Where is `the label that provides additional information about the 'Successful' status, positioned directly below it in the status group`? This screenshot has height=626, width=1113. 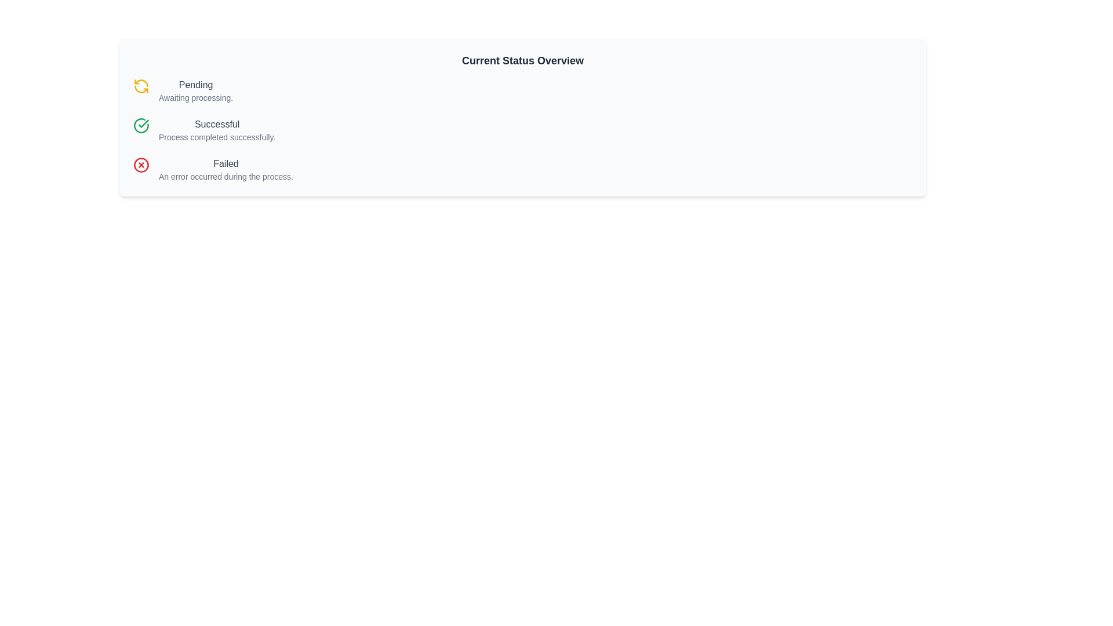
the label that provides additional information about the 'Successful' status, positioned directly below it in the status group is located at coordinates (217, 136).